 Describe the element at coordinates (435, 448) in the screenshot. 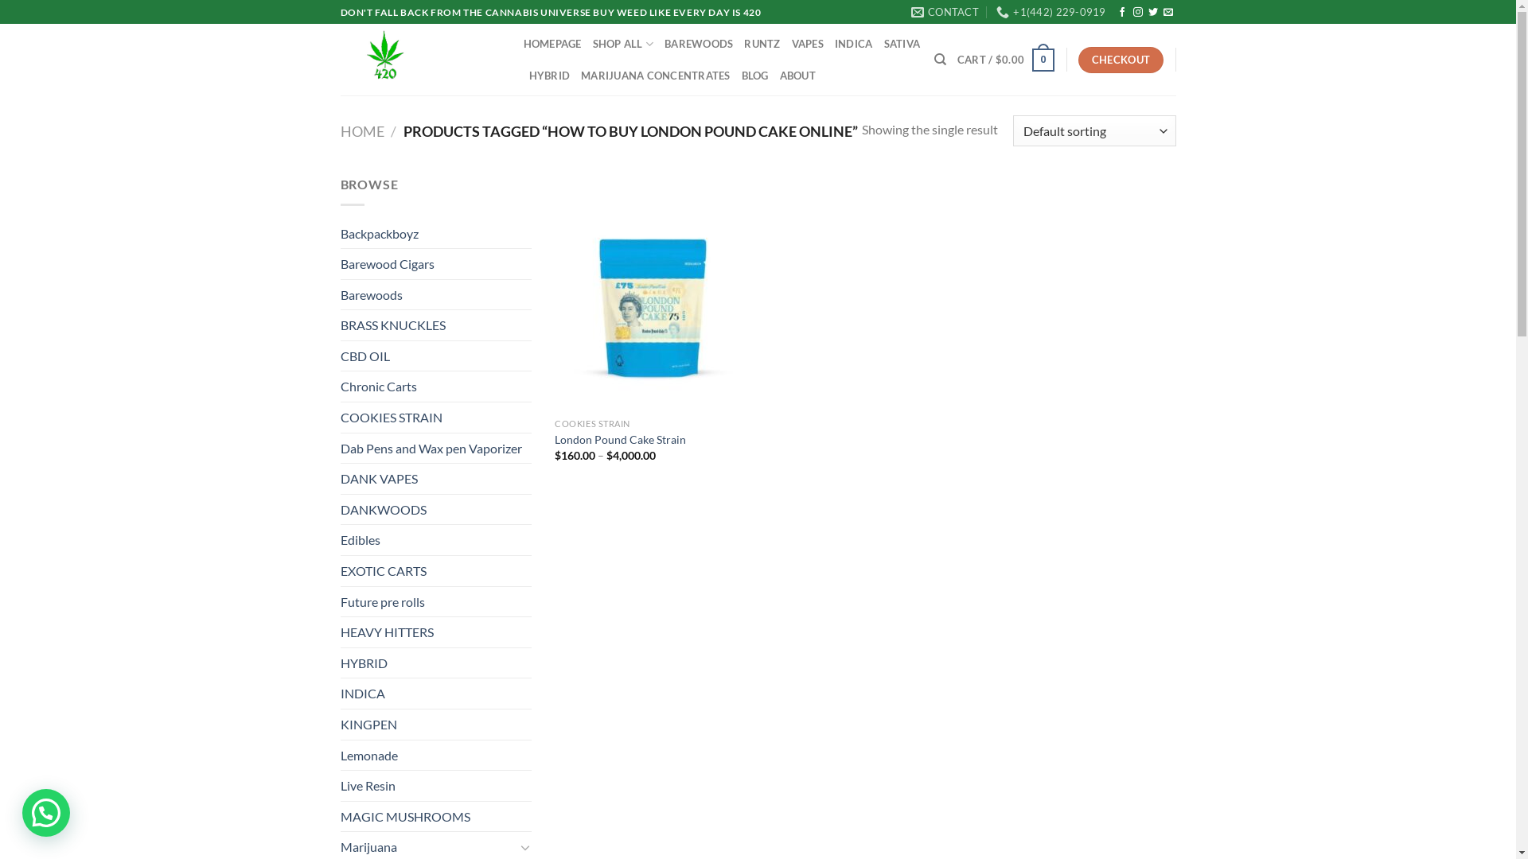

I see `'Dab Pens and Wax pen Vaporizer'` at that location.